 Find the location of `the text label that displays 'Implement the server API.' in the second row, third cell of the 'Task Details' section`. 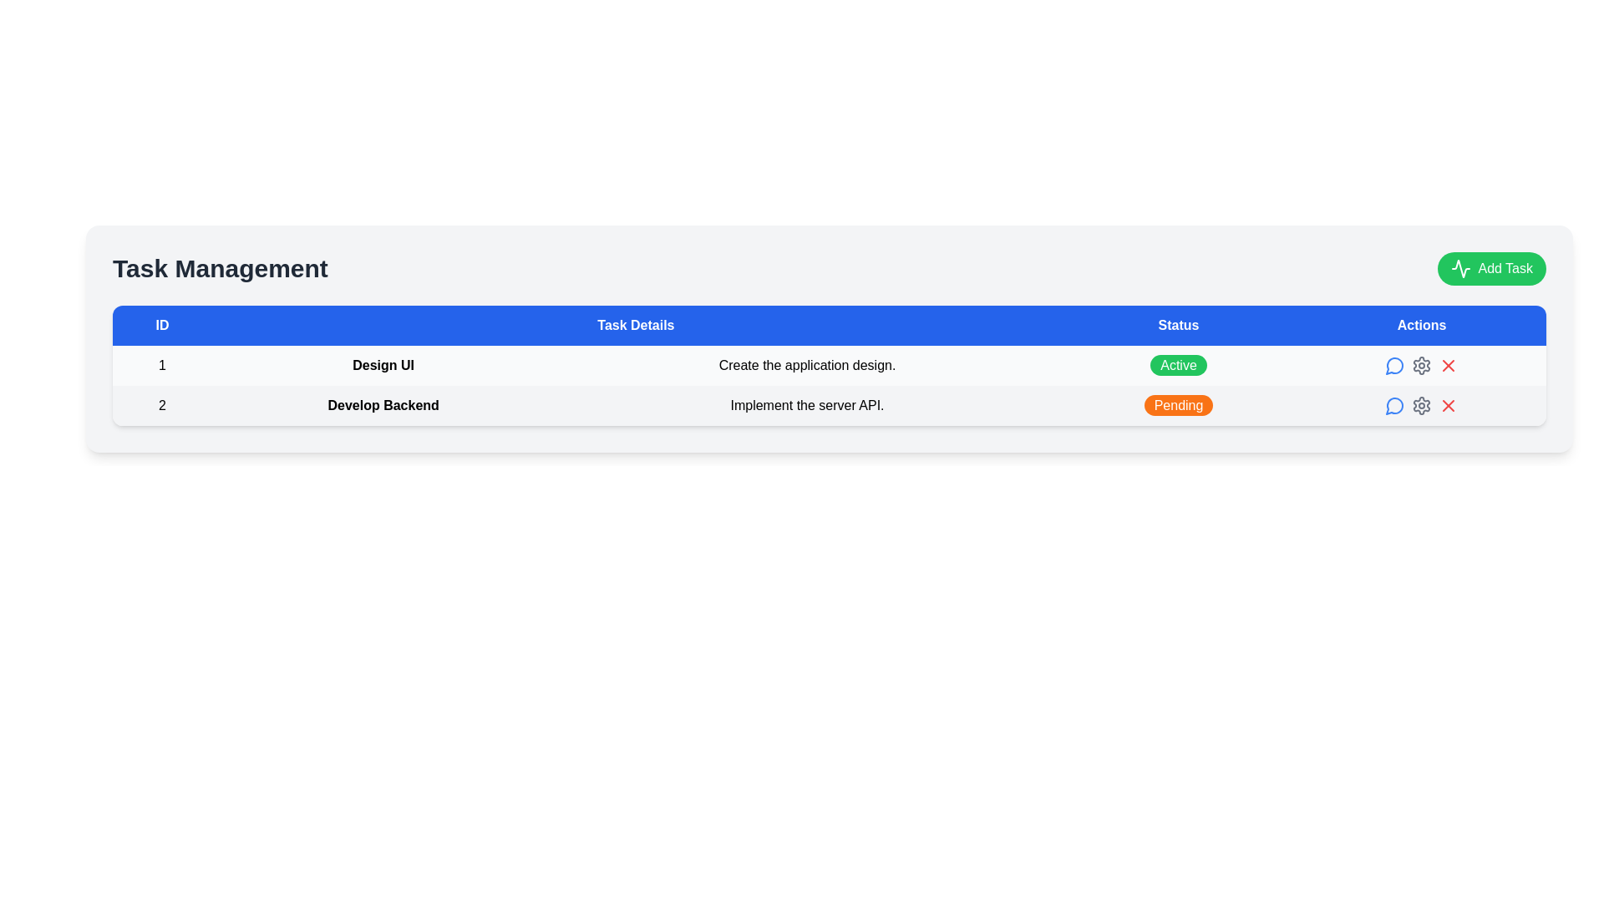

the text label that displays 'Implement the server API.' in the second row, third cell of the 'Task Details' section is located at coordinates (807, 406).